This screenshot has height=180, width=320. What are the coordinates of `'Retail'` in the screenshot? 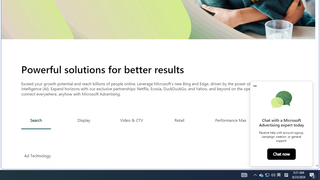 It's located at (179, 120).